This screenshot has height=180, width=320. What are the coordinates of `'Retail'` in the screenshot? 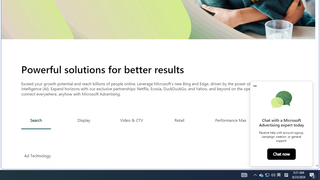 It's located at (179, 120).